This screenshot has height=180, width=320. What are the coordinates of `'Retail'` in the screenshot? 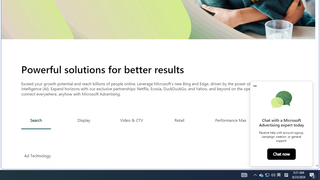 It's located at (179, 120).